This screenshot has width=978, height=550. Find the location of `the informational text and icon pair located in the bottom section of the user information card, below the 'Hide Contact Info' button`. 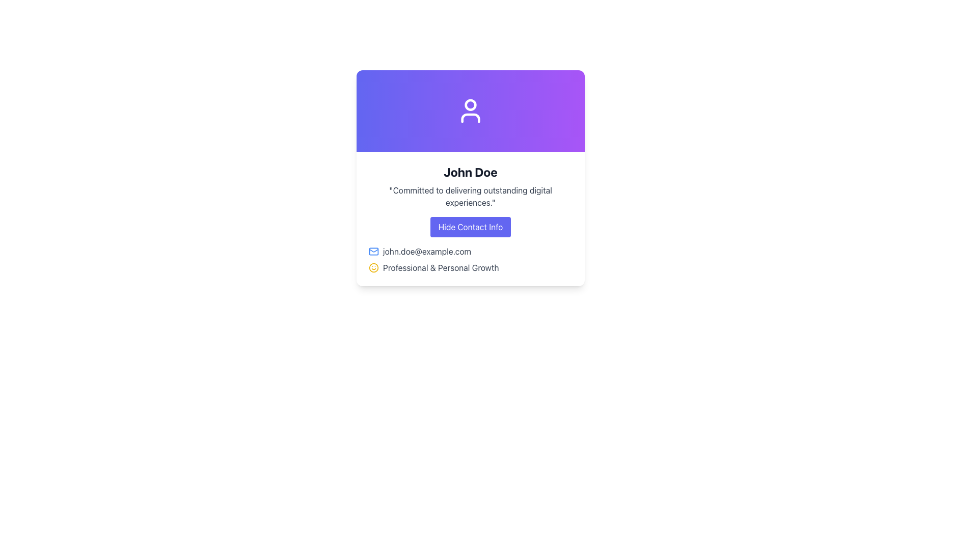

the informational text and icon pair located in the bottom section of the user information card, below the 'Hide Contact Info' button is located at coordinates (470, 259).